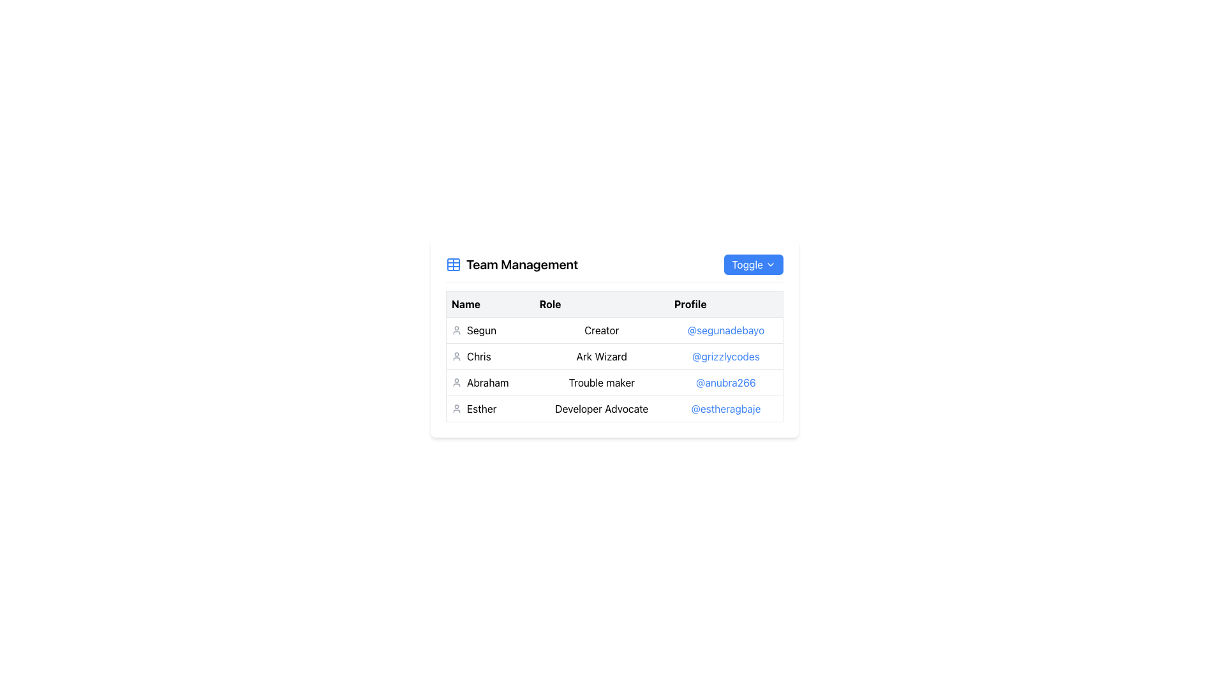 The image size is (1225, 689). I want to click on text from the 'Developer Advocate' label located in the Role column of the table, which is positioned immediately to the right of 'Esther', so click(601, 408).